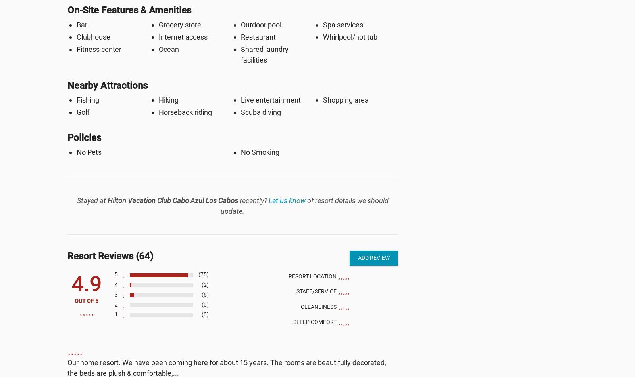 The width and height of the screenshot is (635, 377). I want to click on '1', so click(116, 314).